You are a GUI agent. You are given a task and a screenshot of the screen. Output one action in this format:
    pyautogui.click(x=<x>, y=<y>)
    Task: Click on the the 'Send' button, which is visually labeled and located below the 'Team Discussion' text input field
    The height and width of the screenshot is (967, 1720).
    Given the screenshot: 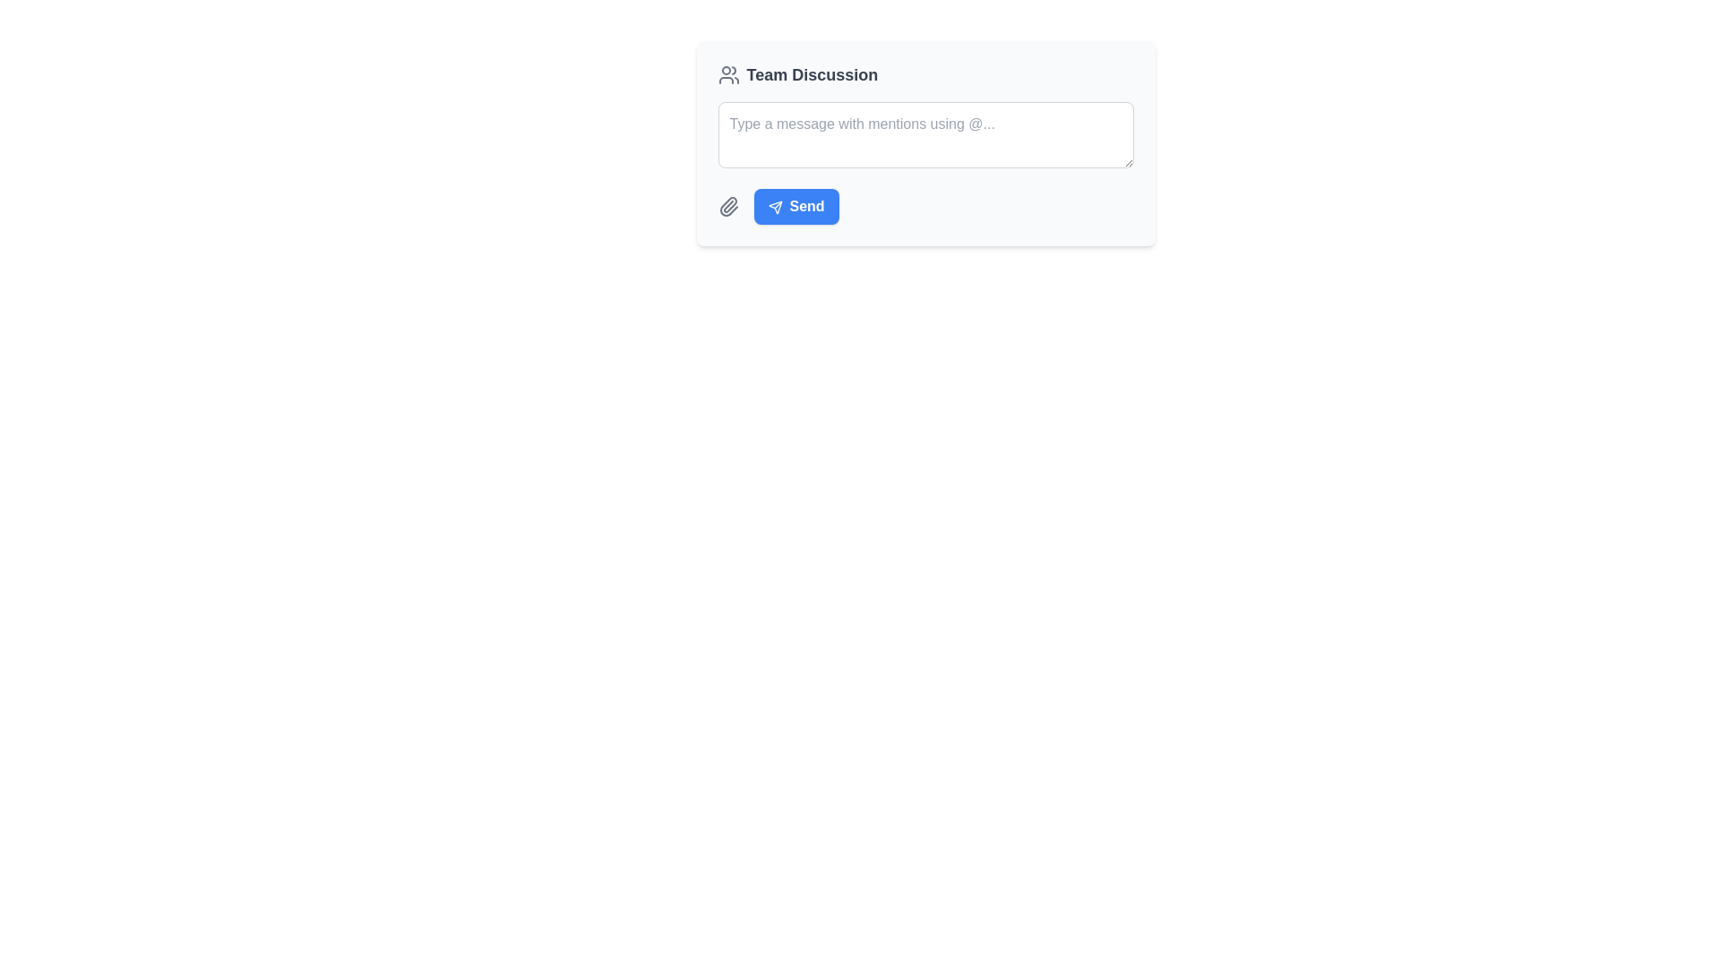 What is the action you would take?
    pyautogui.click(x=806, y=205)
    